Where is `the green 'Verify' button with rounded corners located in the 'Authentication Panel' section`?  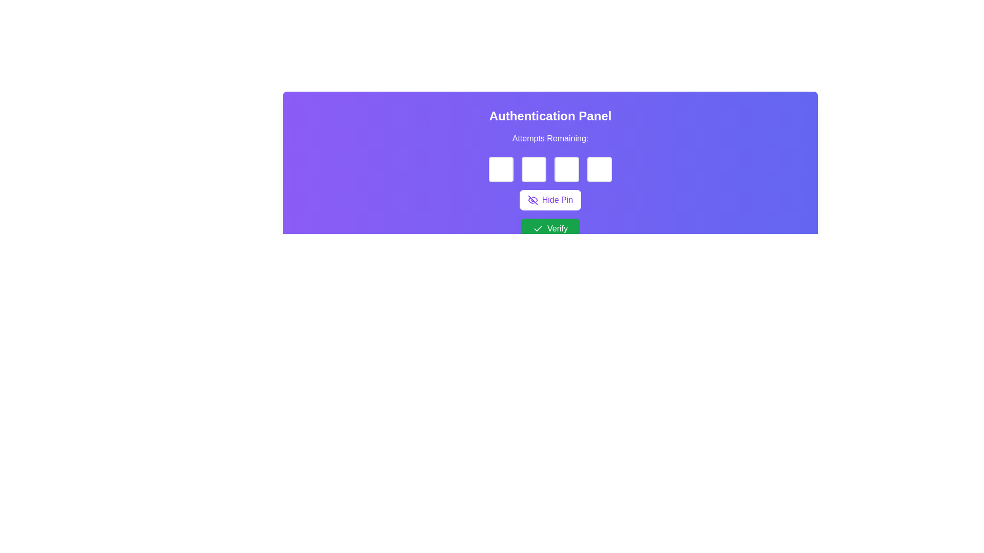
the green 'Verify' button with rounded corners located in the 'Authentication Panel' section is located at coordinates (550, 228).